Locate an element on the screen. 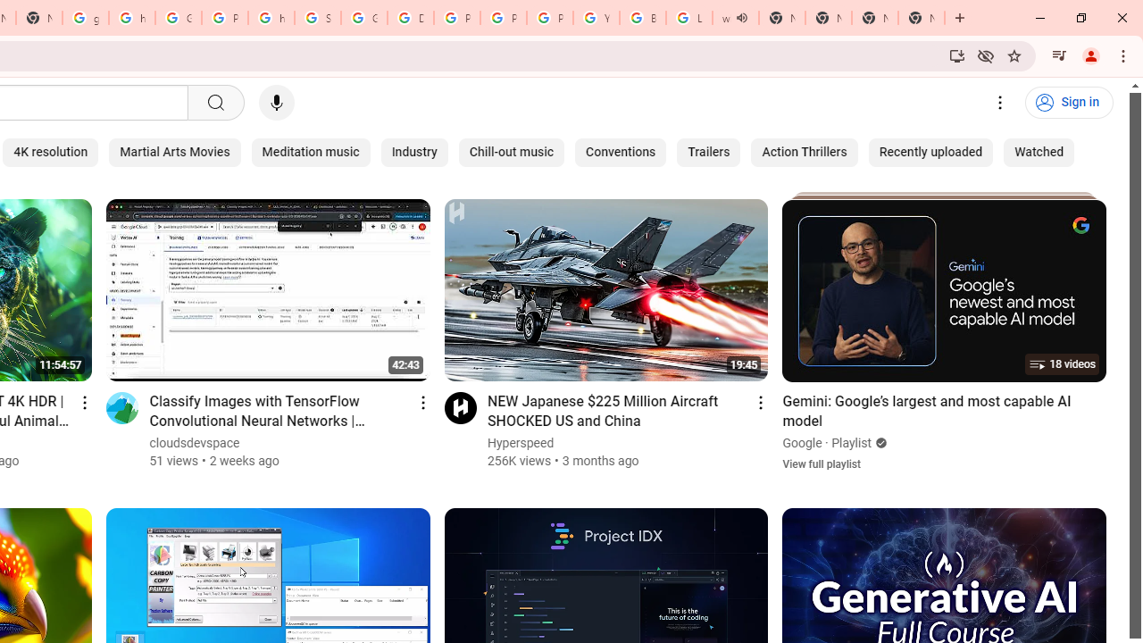 The image size is (1143, 643). 'Sign in' is located at coordinates (1069, 103).